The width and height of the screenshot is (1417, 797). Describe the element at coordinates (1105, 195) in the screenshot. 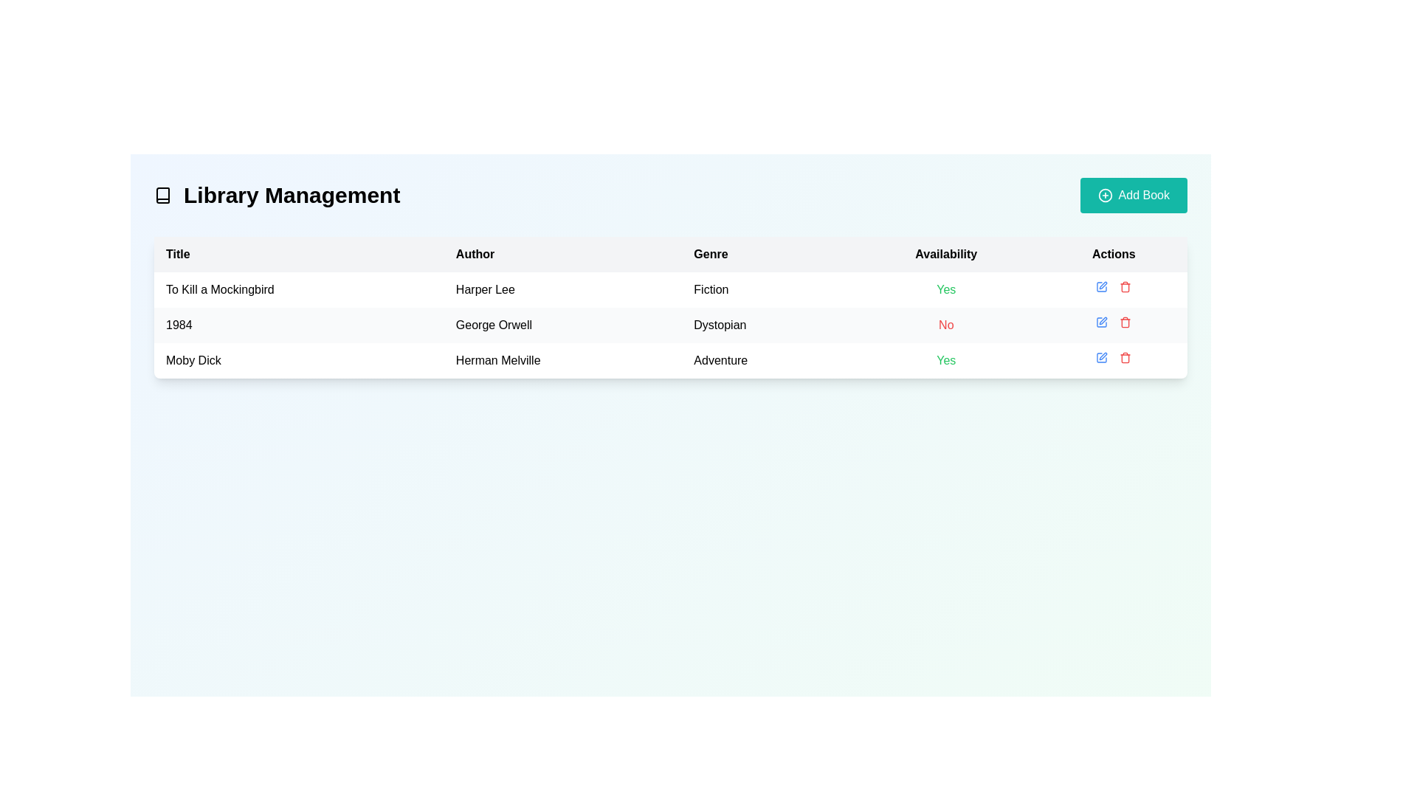

I see `the circular teal-green icon with a '+' symbol inside, located to the left of the 'Add Book' text on the green button near the top-right region of the interface` at that location.